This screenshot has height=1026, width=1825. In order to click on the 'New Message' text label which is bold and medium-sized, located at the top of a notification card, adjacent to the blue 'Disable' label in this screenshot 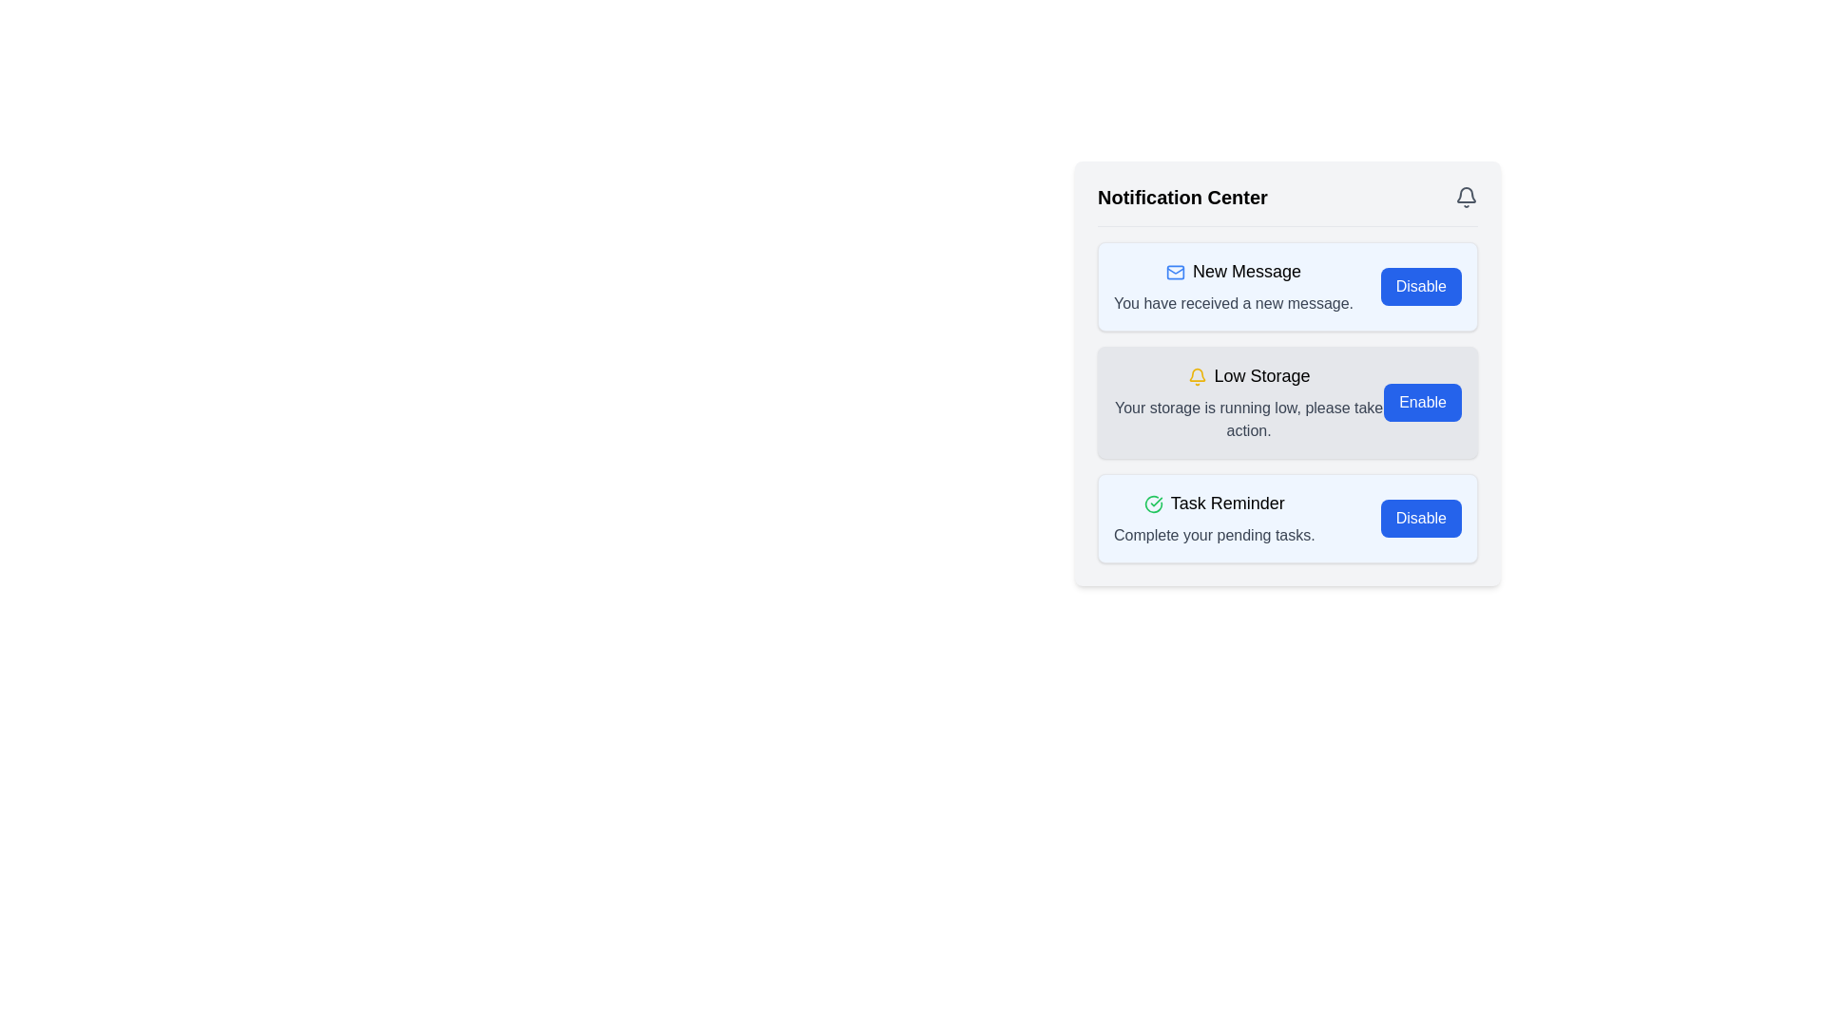, I will do `click(1233, 271)`.